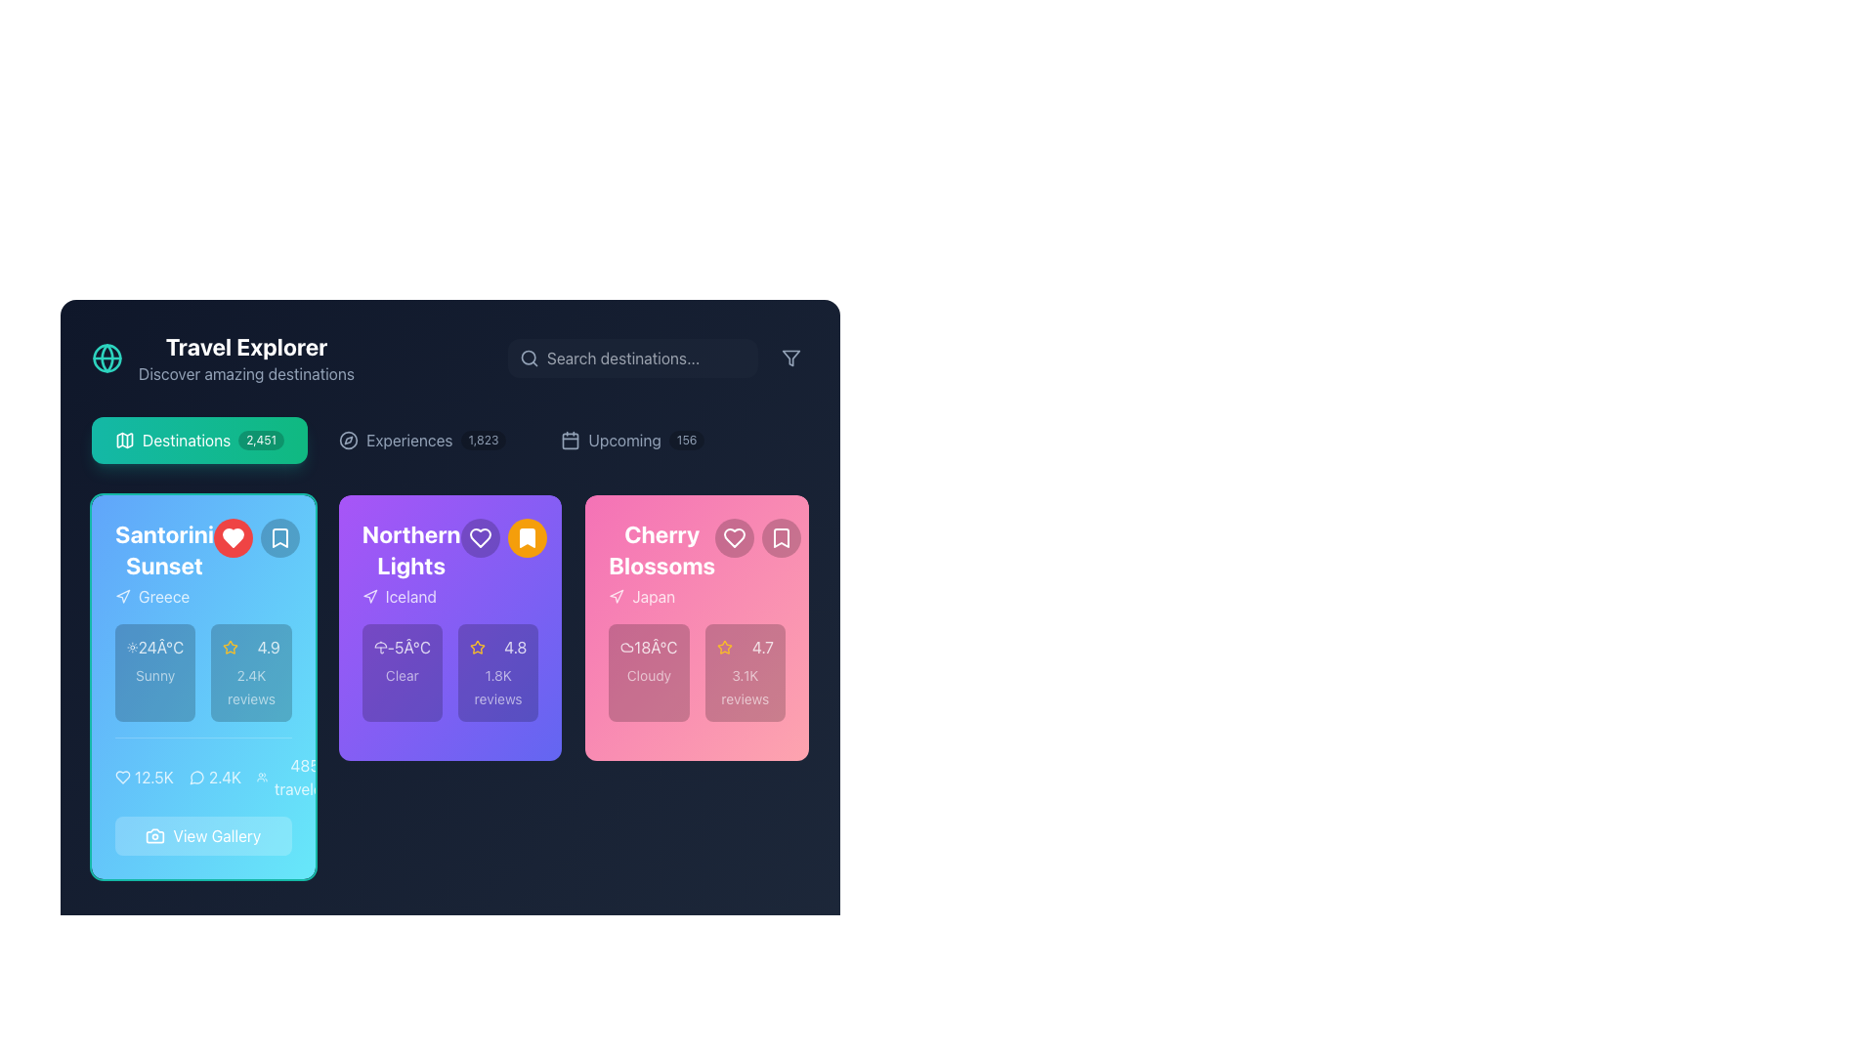  I want to click on the decorative icon accompanying the 'Upcoming' menu option, so click(570, 441).